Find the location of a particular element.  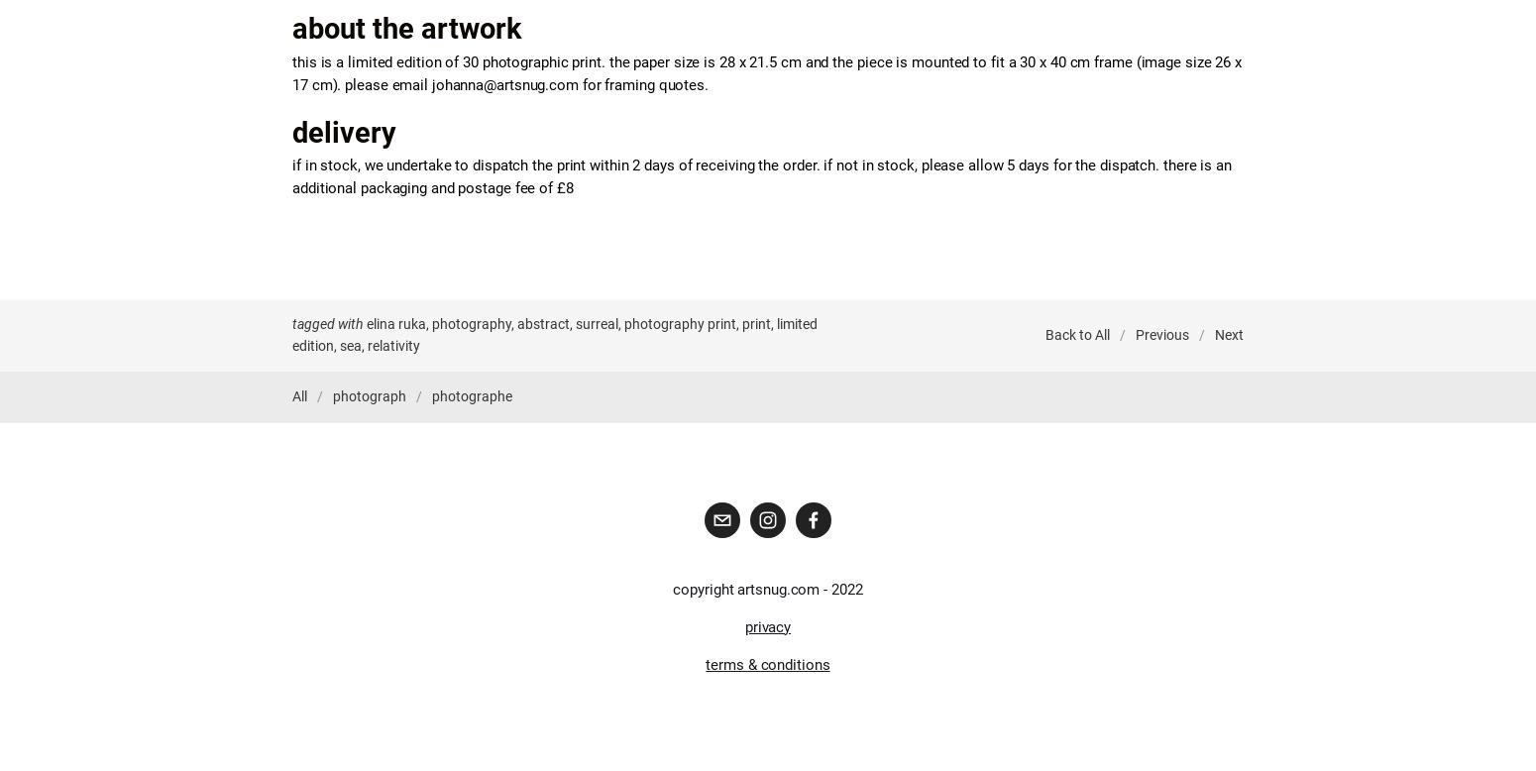

'elina ruka' is located at coordinates (365, 322).